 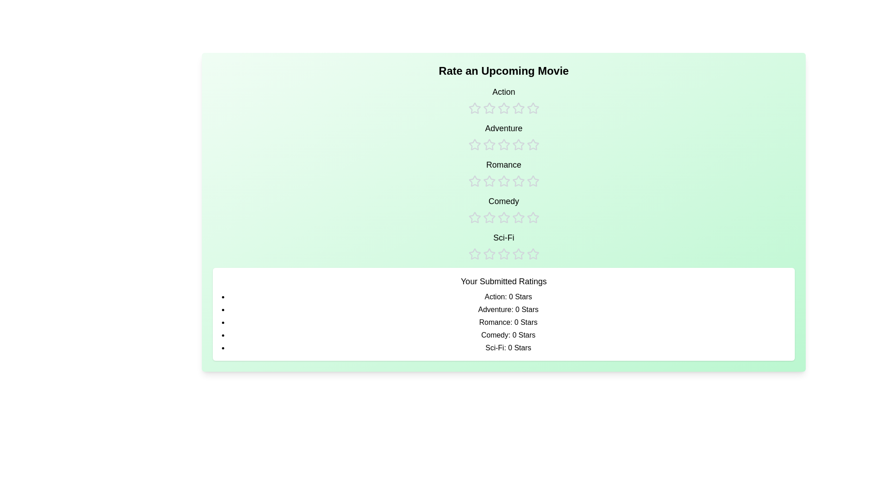 What do you see at coordinates (533, 209) in the screenshot?
I see `the rating for the Comedy category to 5 stars` at bounding box center [533, 209].